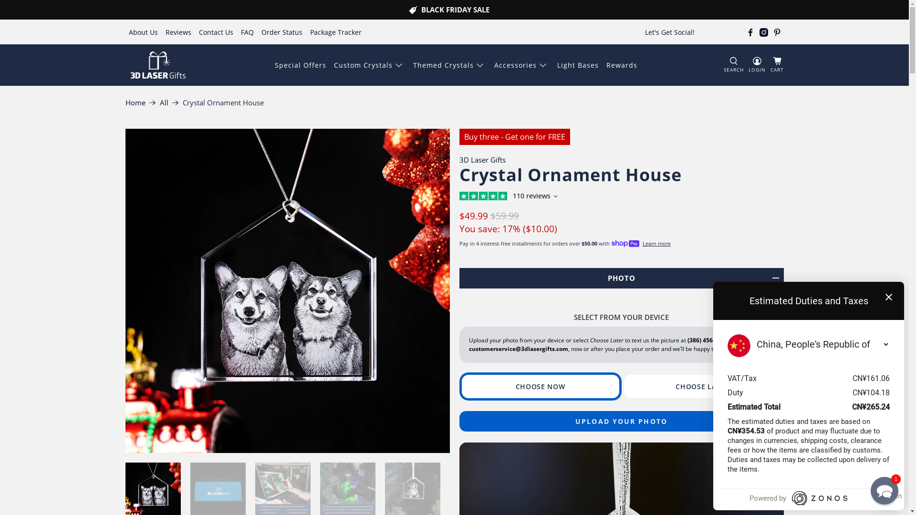  I want to click on 'CART', so click(776, 65).